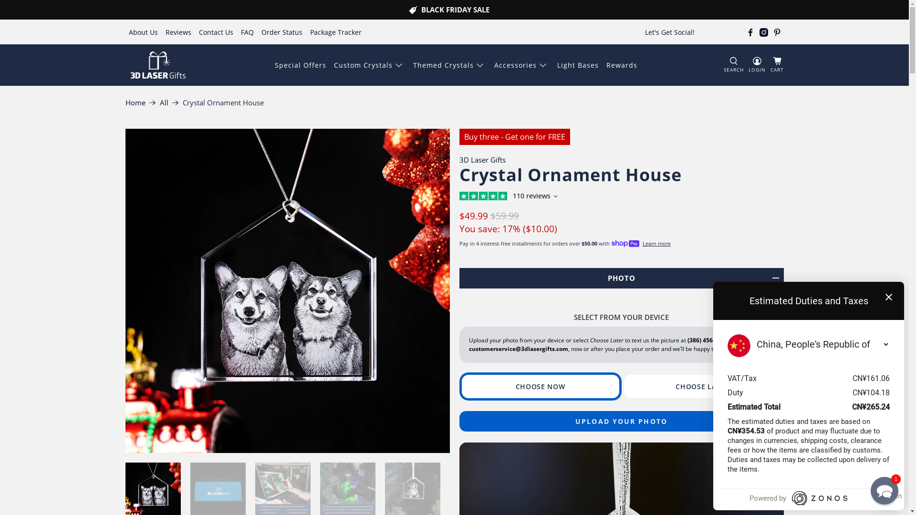  I want to click on 'CART', so click(776, 65).